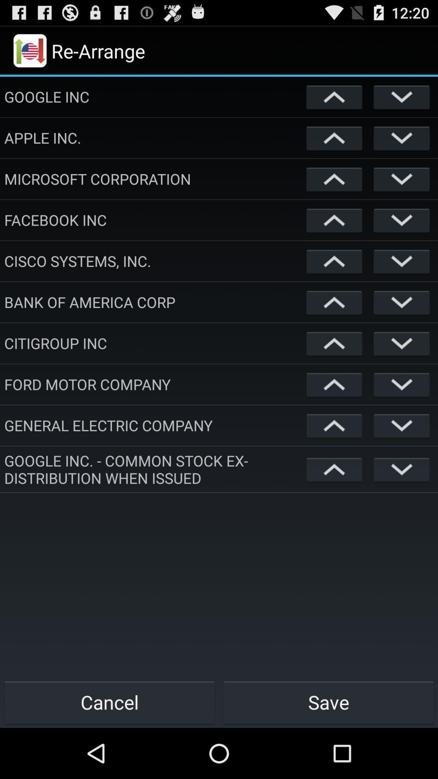 The image size is (438, 779). I want to click on the ford motor company item, so click(153, 384).